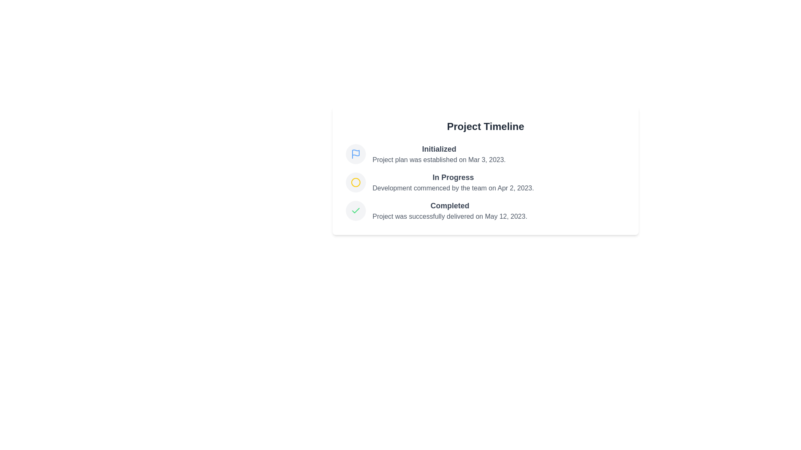  I want to click on information displayed in the text label indicating the start date of the development phase of the project, which is located under the 'In Progress' section of the timeline component, so click(453, 188).